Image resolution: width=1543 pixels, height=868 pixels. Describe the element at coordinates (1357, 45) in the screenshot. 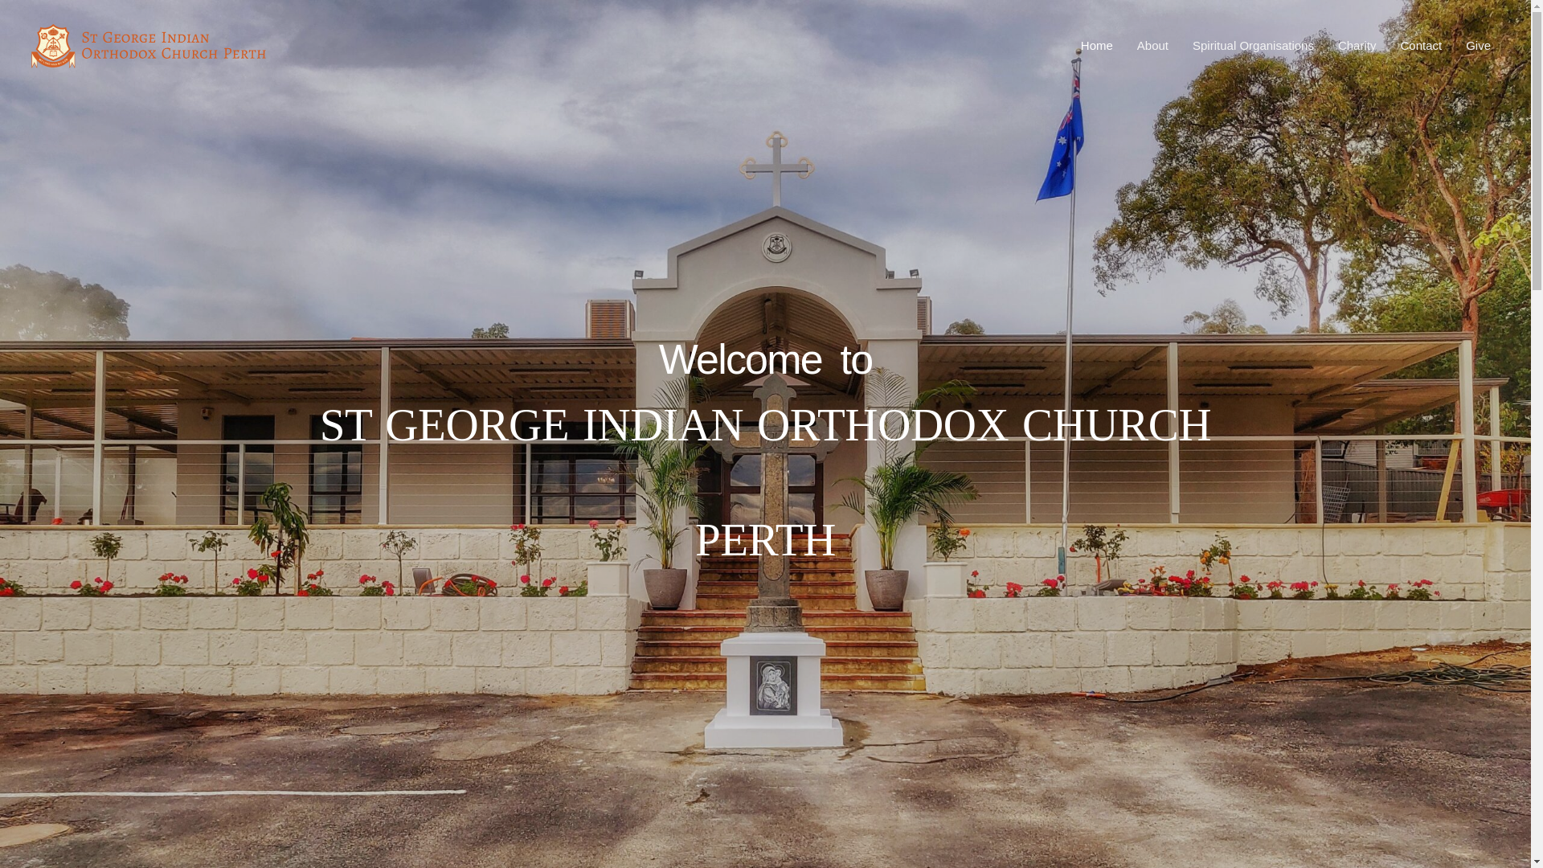

I see `'Charity'` at that location.